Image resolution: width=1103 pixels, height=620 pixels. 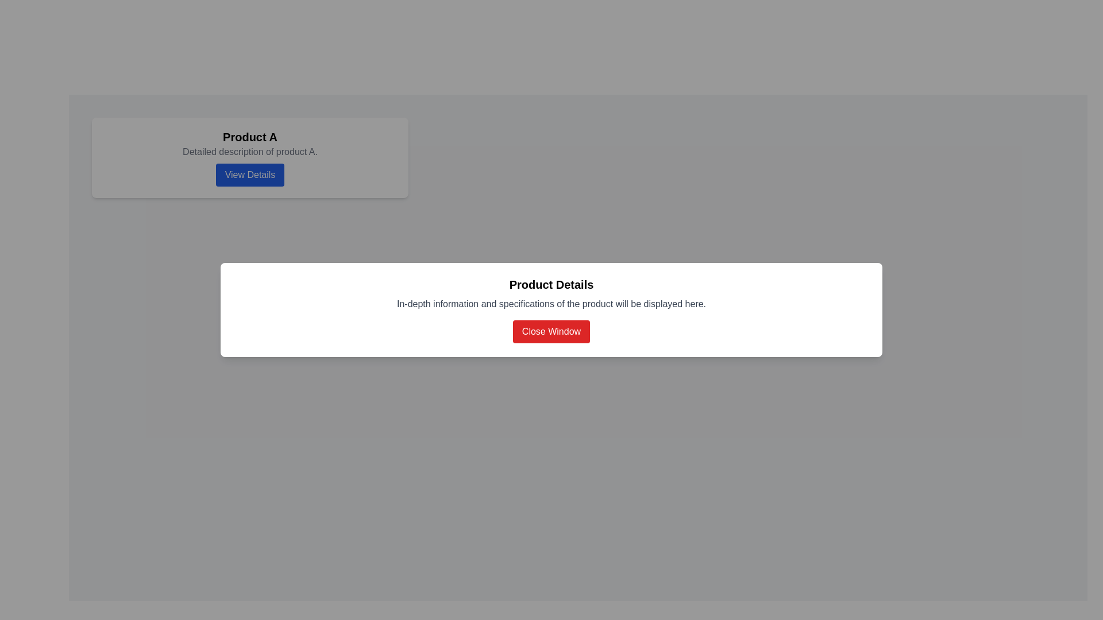 I want to click on the interactive 'Close' button located at the bottom of the white panel, so click(x=551, y=332).